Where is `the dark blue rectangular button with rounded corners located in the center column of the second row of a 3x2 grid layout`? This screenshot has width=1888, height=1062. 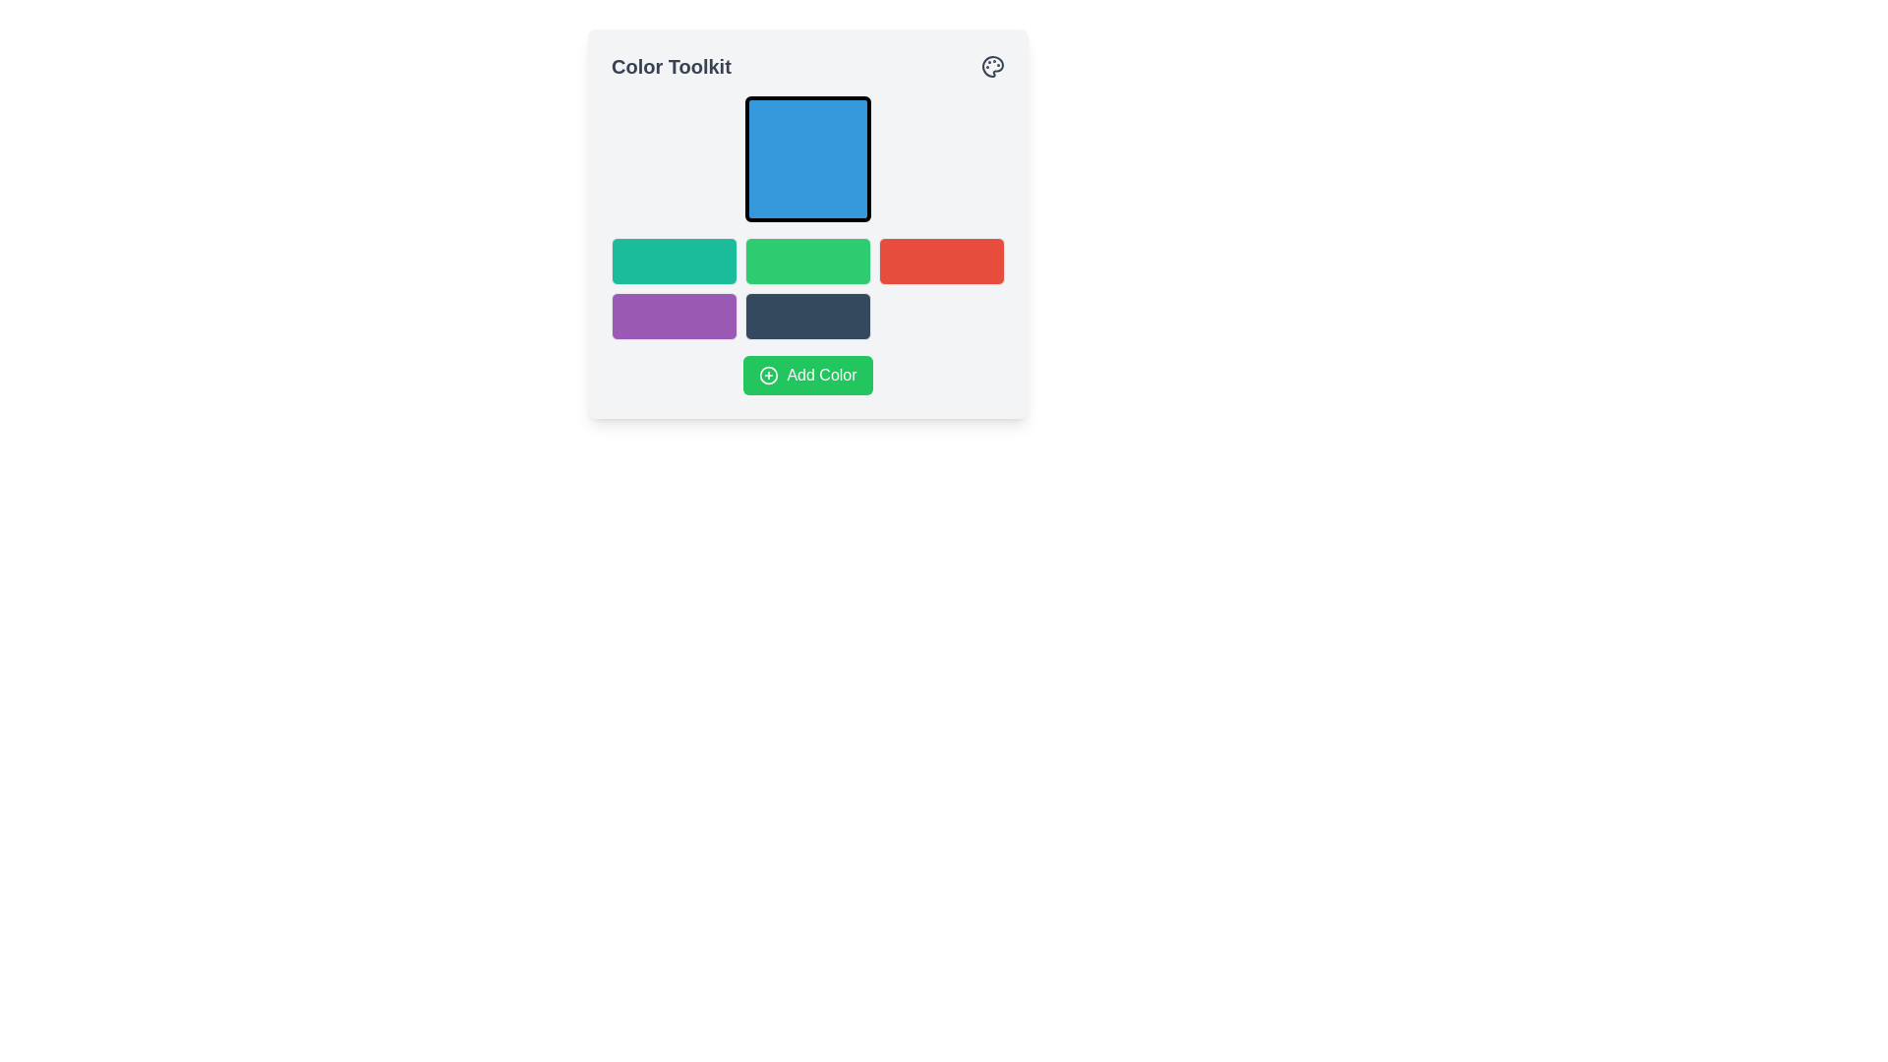
the dark blue rectangular button with rounded corners located in the center column of the second row of a 3x2 grid layout is located at coordinates (807, 315).